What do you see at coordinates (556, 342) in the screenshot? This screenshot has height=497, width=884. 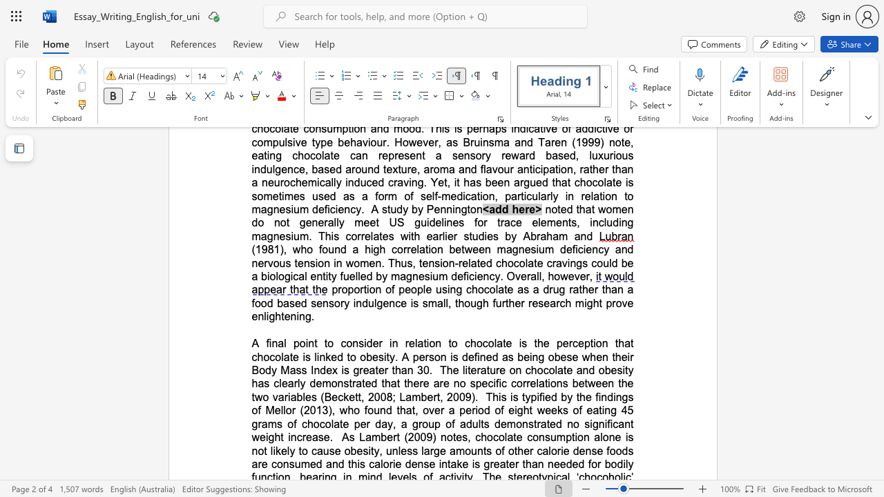 I see `the subset text "percep" within the text "perception"` at bounding box center [556, 342].